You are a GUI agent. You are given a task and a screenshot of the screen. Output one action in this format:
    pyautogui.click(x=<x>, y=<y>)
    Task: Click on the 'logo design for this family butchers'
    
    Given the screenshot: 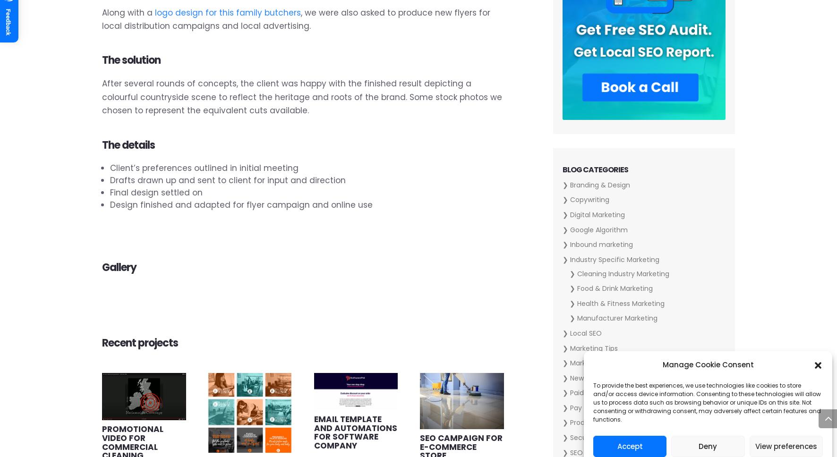 What is the action you would take?
    pyautogui.click(x=227, y=12)
    